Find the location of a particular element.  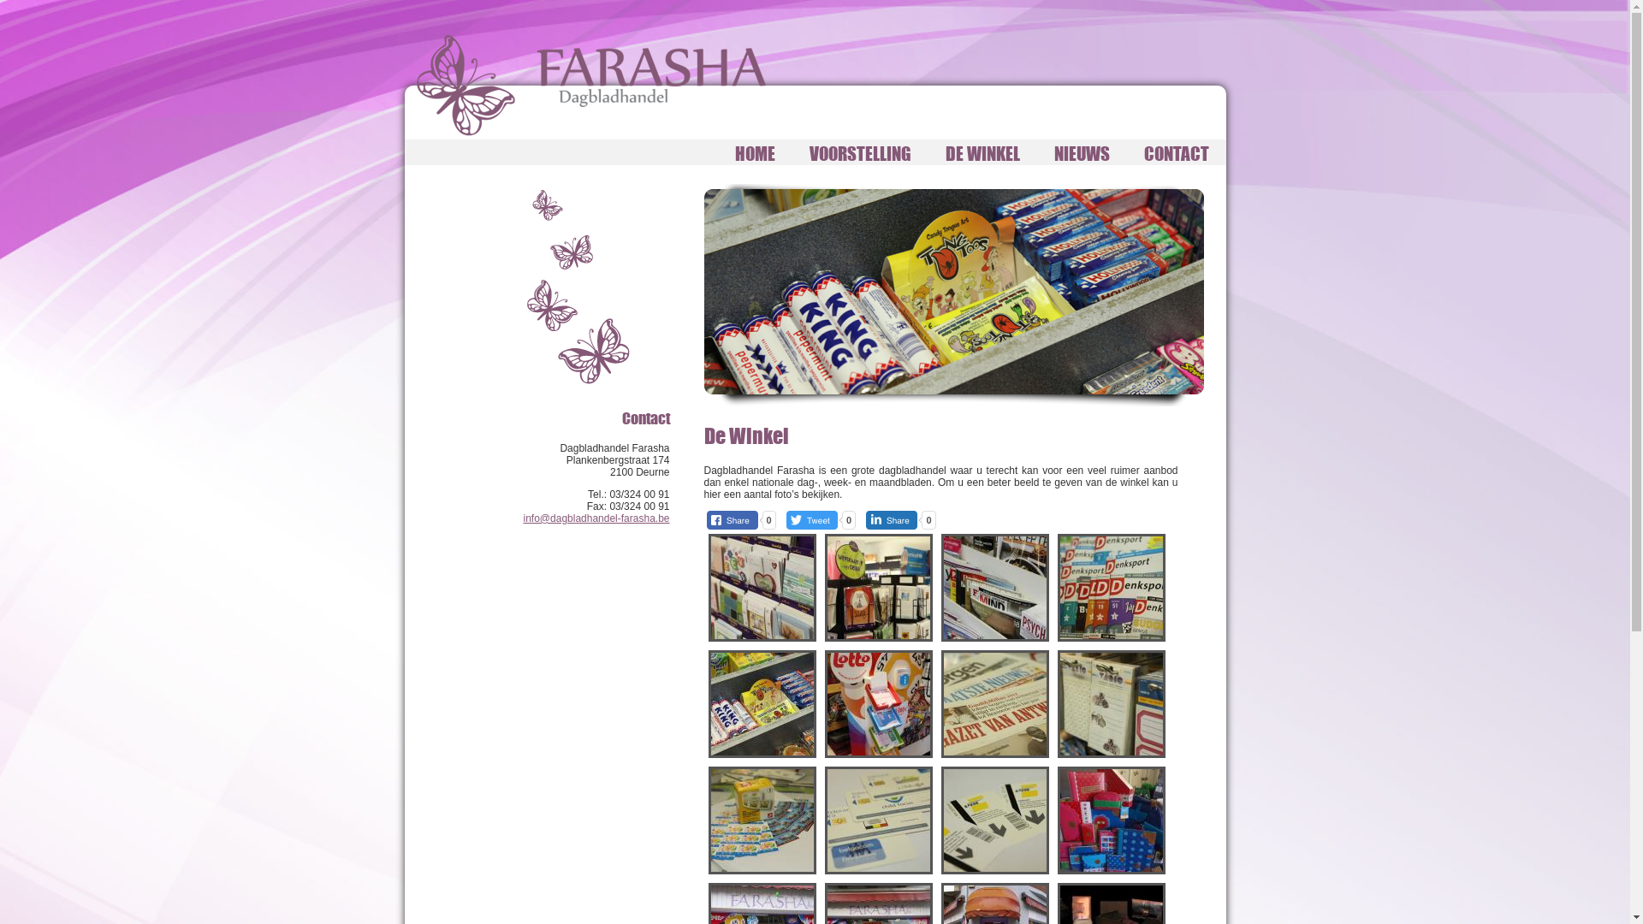

'HOME' is located at coordinates (753, 151).